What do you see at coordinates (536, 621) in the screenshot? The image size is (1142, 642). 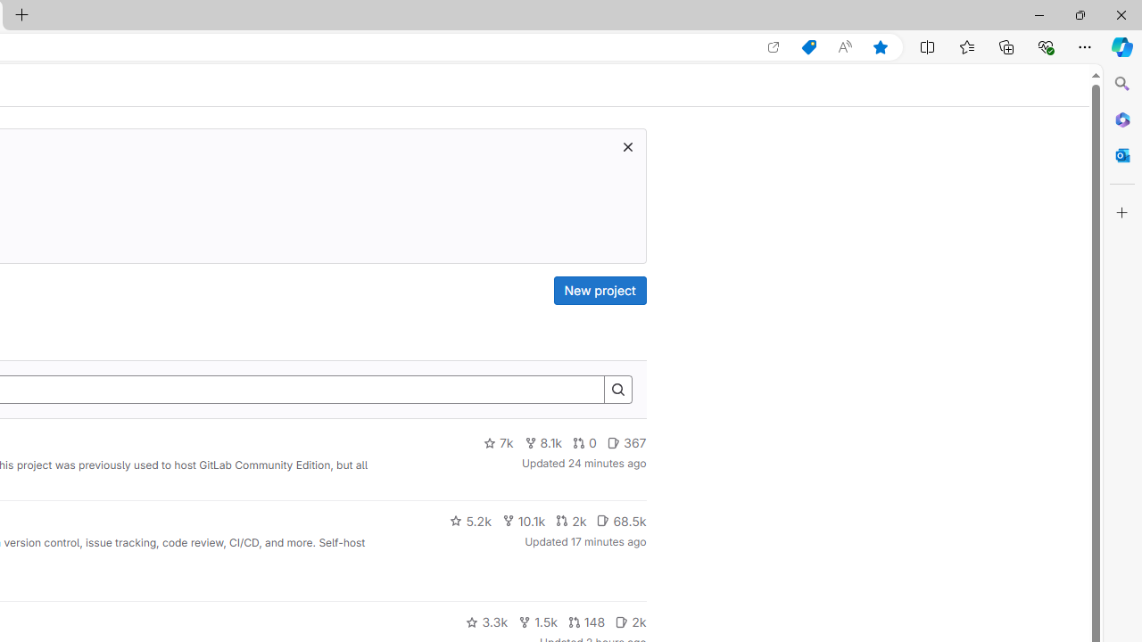 I see `'1.5k'` at bounding box center [536, 621].